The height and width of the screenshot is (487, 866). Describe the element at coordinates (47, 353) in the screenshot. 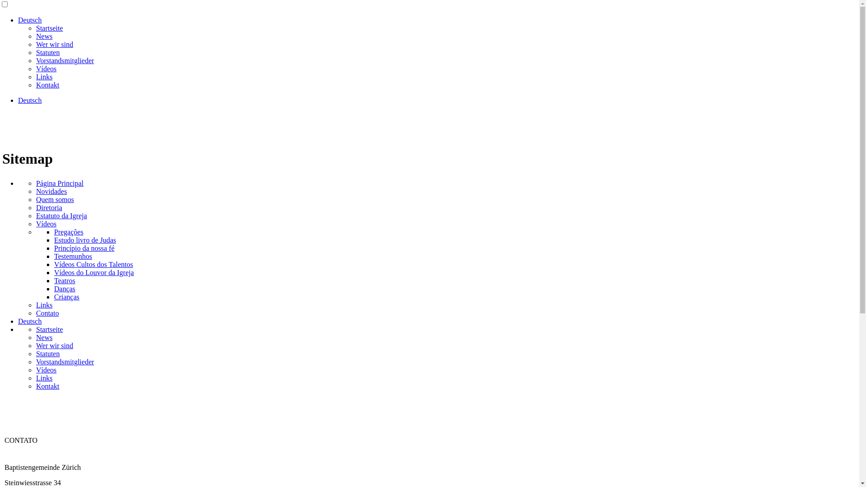

I see `'Statuten'` at that location.